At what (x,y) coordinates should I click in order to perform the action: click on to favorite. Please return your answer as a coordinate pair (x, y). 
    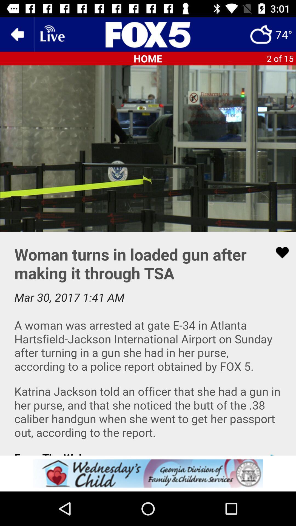
    Looking at the image, I should click on (279, 252).